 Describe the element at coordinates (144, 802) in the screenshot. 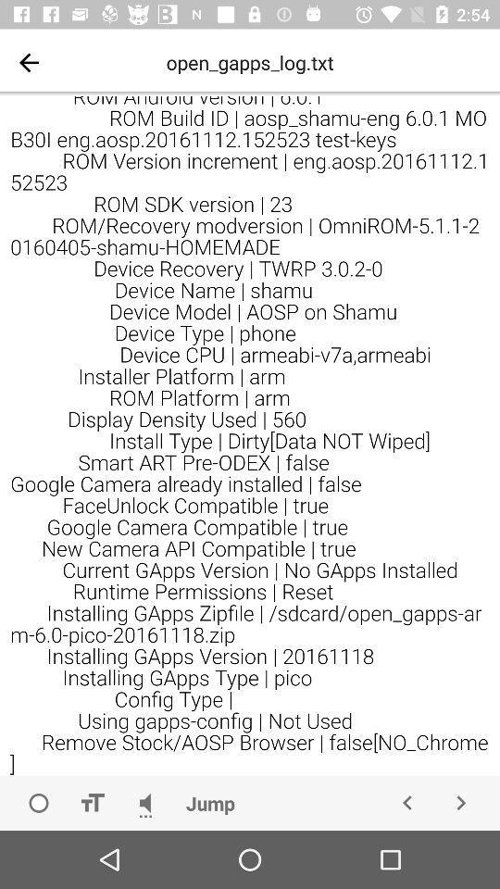

I see `the volume icon` at that location.